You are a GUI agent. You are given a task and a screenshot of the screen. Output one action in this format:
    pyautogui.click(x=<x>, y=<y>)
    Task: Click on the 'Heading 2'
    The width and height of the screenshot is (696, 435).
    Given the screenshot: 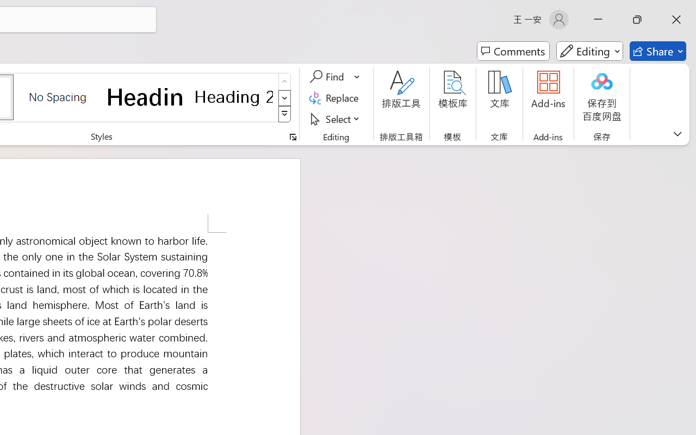 What is the action you would take?
    pyautogui.click(x=233, y=96)
    